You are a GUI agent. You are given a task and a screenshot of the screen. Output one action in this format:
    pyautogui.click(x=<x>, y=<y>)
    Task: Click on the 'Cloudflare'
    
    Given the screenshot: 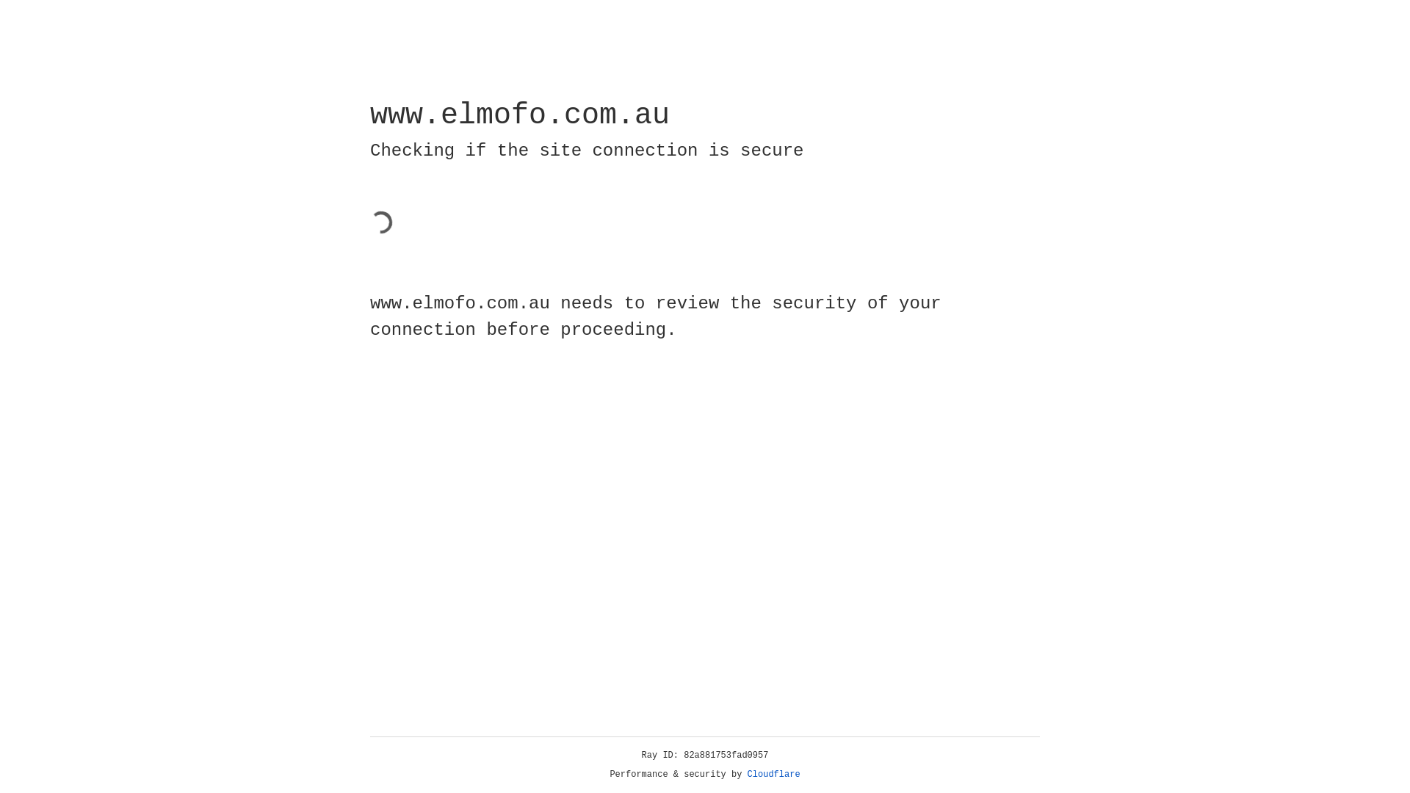 What is the action you would take?
    pyautogui.click(x=773, y=774)
    